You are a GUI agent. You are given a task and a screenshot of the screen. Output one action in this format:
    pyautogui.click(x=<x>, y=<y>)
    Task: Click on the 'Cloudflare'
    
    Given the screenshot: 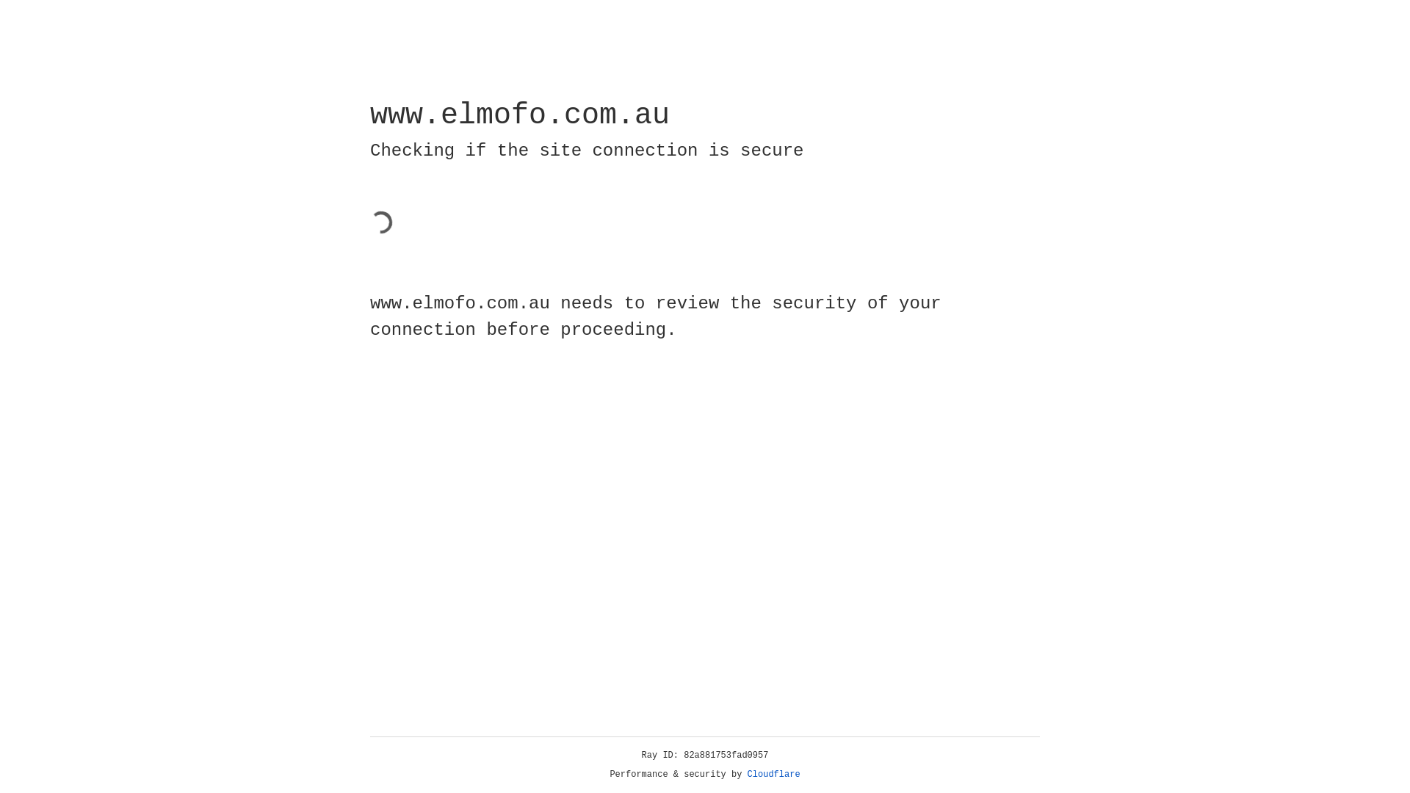 What is the action you would take?
    pyautogui.click(x=773, y=774)
    